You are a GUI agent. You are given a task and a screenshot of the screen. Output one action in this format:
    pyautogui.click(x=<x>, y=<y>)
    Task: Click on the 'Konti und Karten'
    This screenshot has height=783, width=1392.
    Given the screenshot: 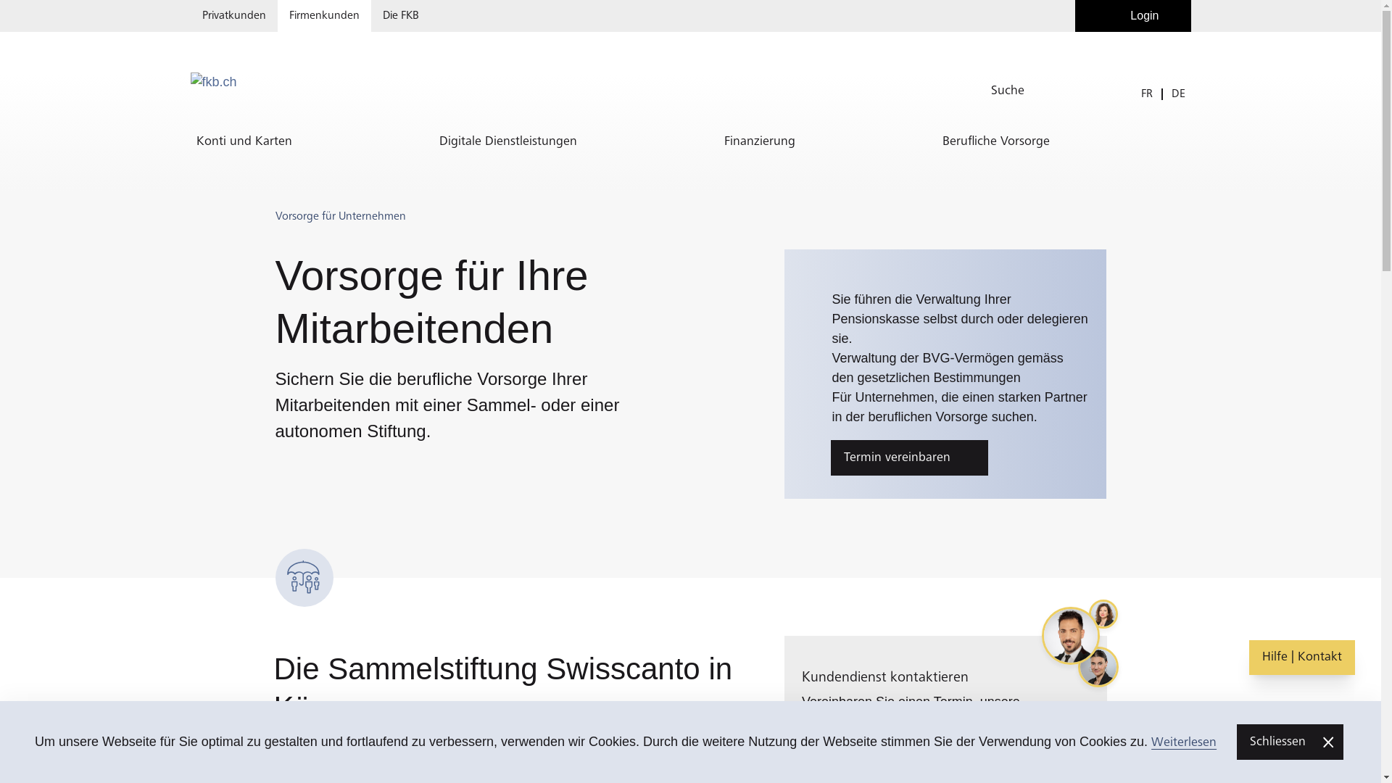 What is the action you would take?
    pyautogui.click(x=189, y=141)
    